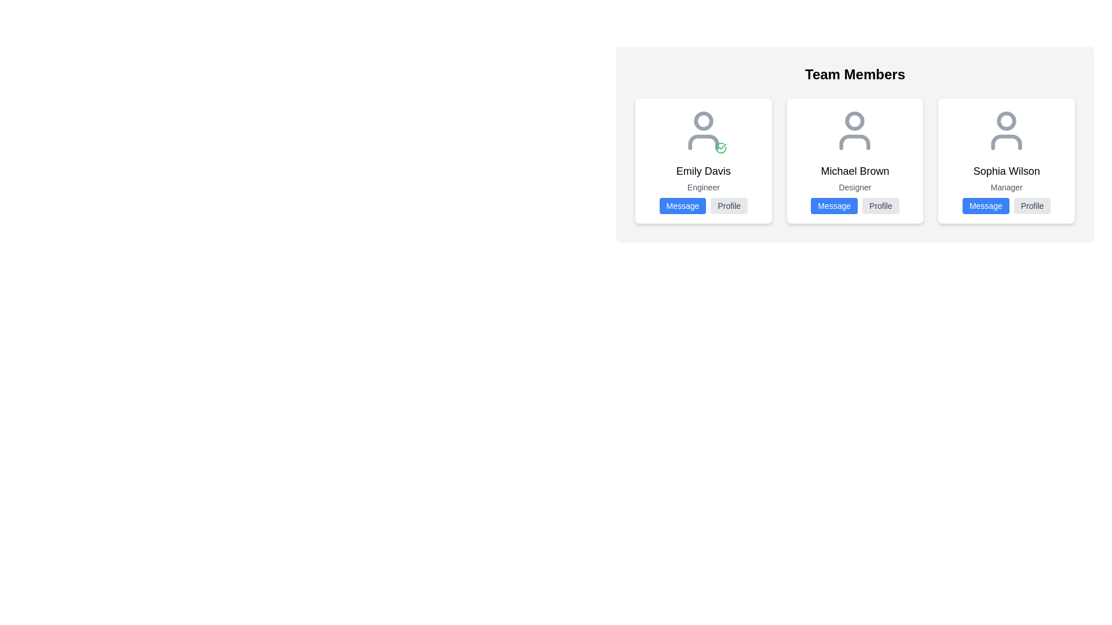  What do you see at coordinates (834, 205) in the screenshot?
I see `the 'Message' button with white text on a blue background, located below the card for 'Michael Brown,' a Designer, in the Team Members section` at bounding box center [834, 205].